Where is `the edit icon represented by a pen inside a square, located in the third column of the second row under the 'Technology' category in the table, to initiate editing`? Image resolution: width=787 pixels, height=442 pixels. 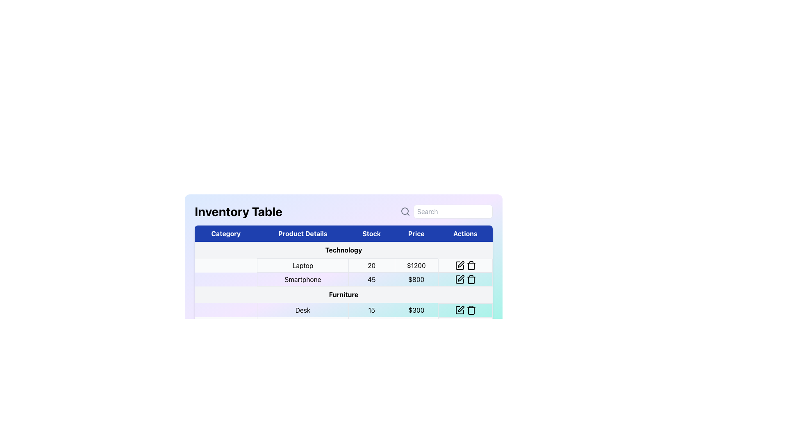 the edit icon represented by a pen inside a square, located in the third column of the second row under the 'Technology' category in the table, to initiate editing is located at coordinates (459, 279).